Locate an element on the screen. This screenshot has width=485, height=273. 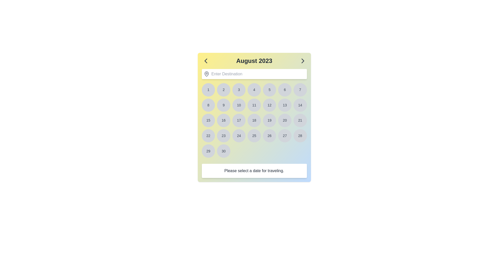
the circular button labeled '23' in the fifth row, second column of the calendar interface is located at coordinates (223, 135).